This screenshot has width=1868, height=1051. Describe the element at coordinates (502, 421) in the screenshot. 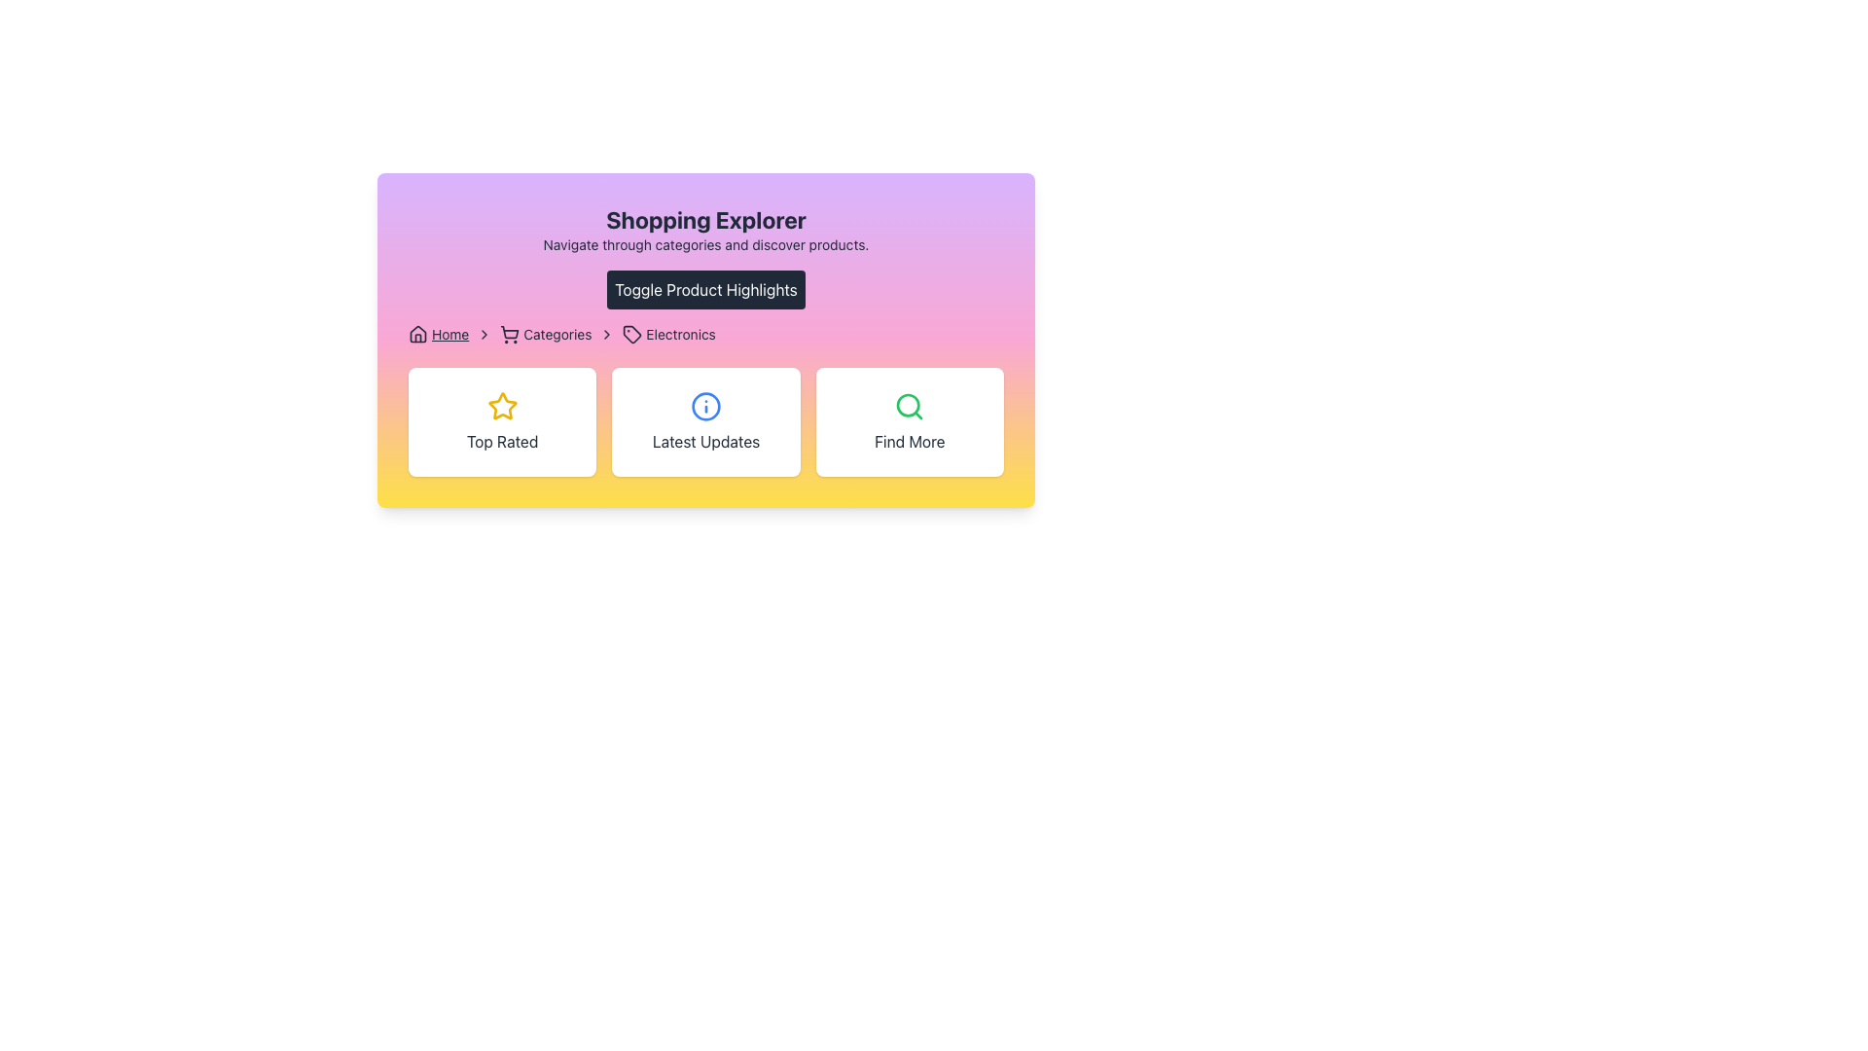

I see `the leftmost card in the horizontal row` at that location.